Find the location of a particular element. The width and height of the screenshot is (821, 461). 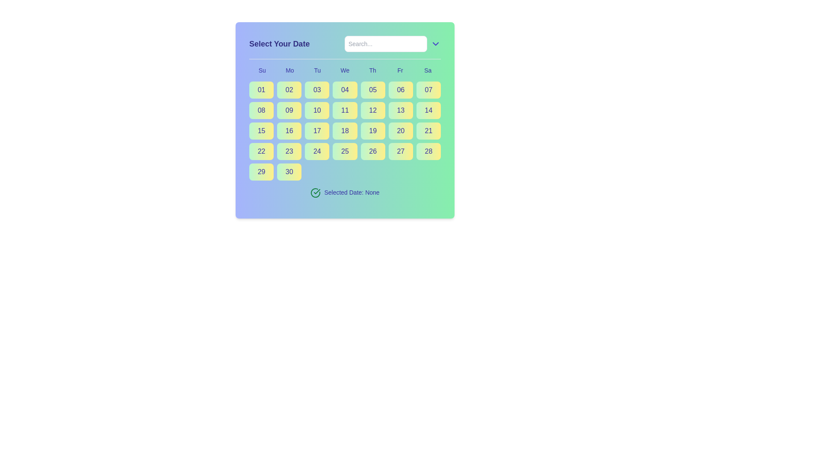

outer circular boundary of the checkmark icon indicating a successful state, located next to the text 'Selected Date: None' is located at coordinates (315, 193).